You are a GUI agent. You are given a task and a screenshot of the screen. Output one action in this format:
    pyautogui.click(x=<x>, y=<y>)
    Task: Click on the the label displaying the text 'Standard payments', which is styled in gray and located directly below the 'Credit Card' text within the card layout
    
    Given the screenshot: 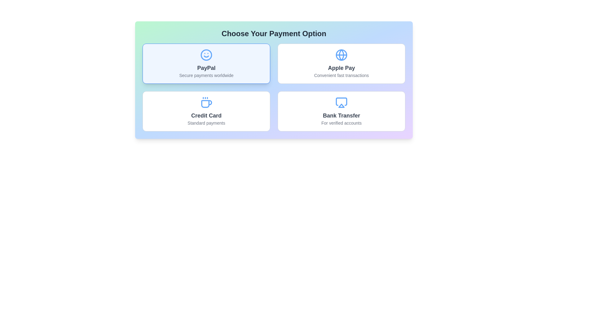 What is the action you would take?
    pyautogui.click(x=206, y=123)
    